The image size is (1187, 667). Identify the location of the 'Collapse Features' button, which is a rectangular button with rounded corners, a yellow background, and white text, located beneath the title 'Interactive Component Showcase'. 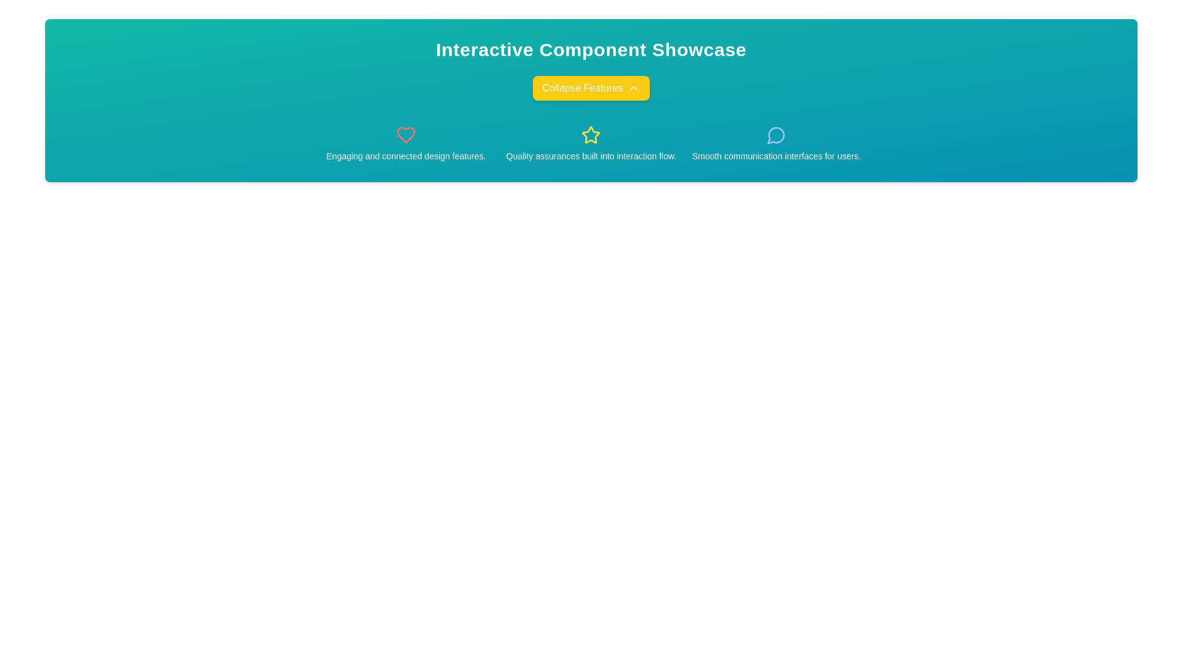
(590, 87).